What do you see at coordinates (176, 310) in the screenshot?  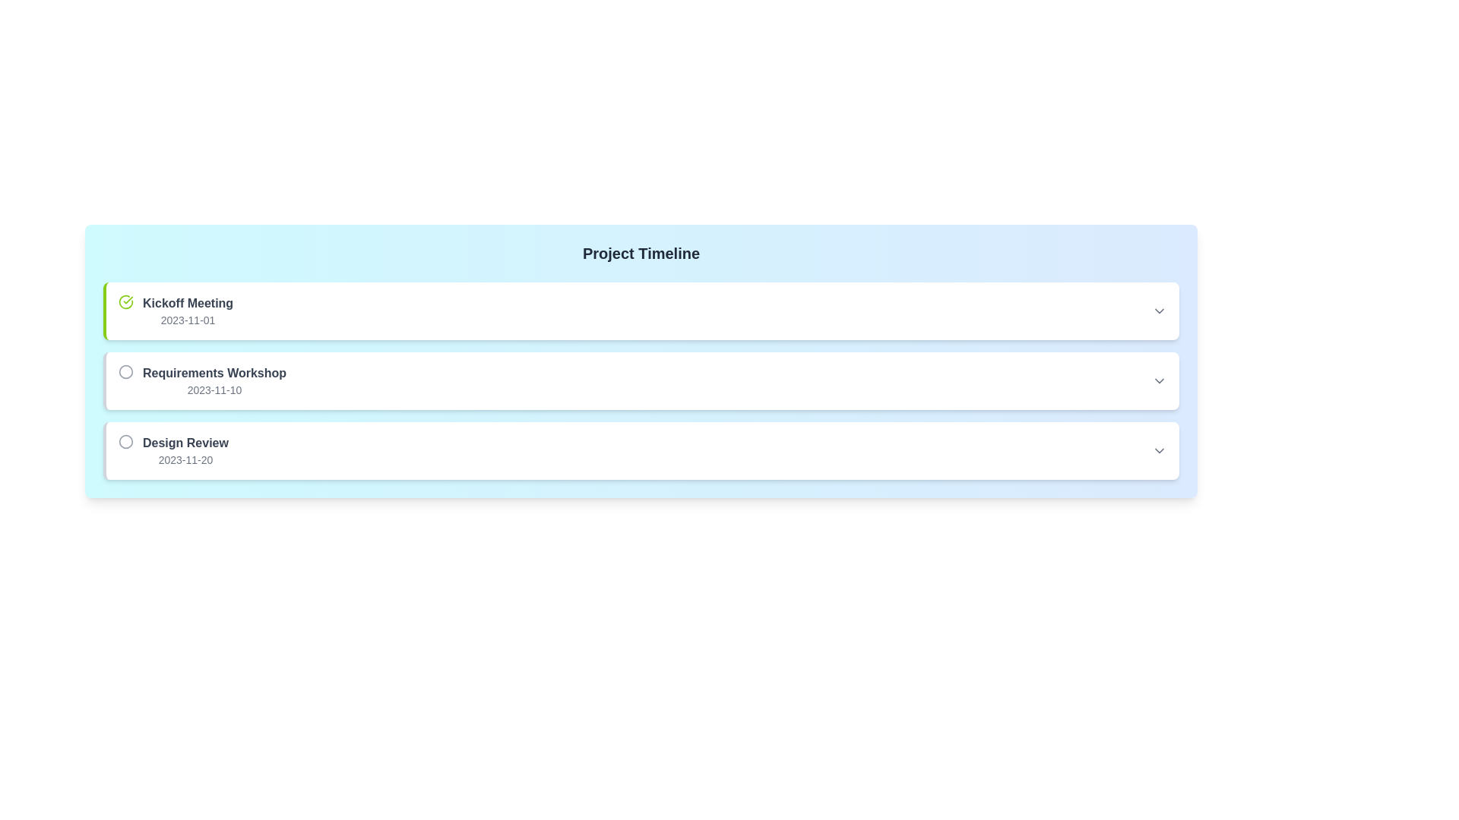 I see `the list entry indicating the 'Kickoff Meeting' with a green checkmark status, which is the first element in the vertical list` at bounding box center [176, 310].